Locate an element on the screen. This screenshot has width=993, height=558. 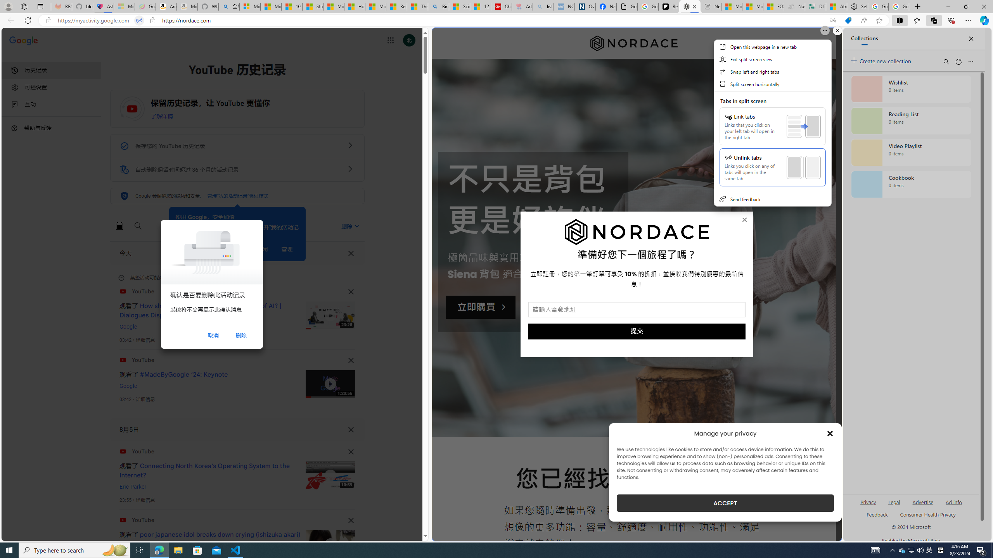
'Arthritis: Ask Health Professionals - Sleeping' is located at coordinates (522, 6).